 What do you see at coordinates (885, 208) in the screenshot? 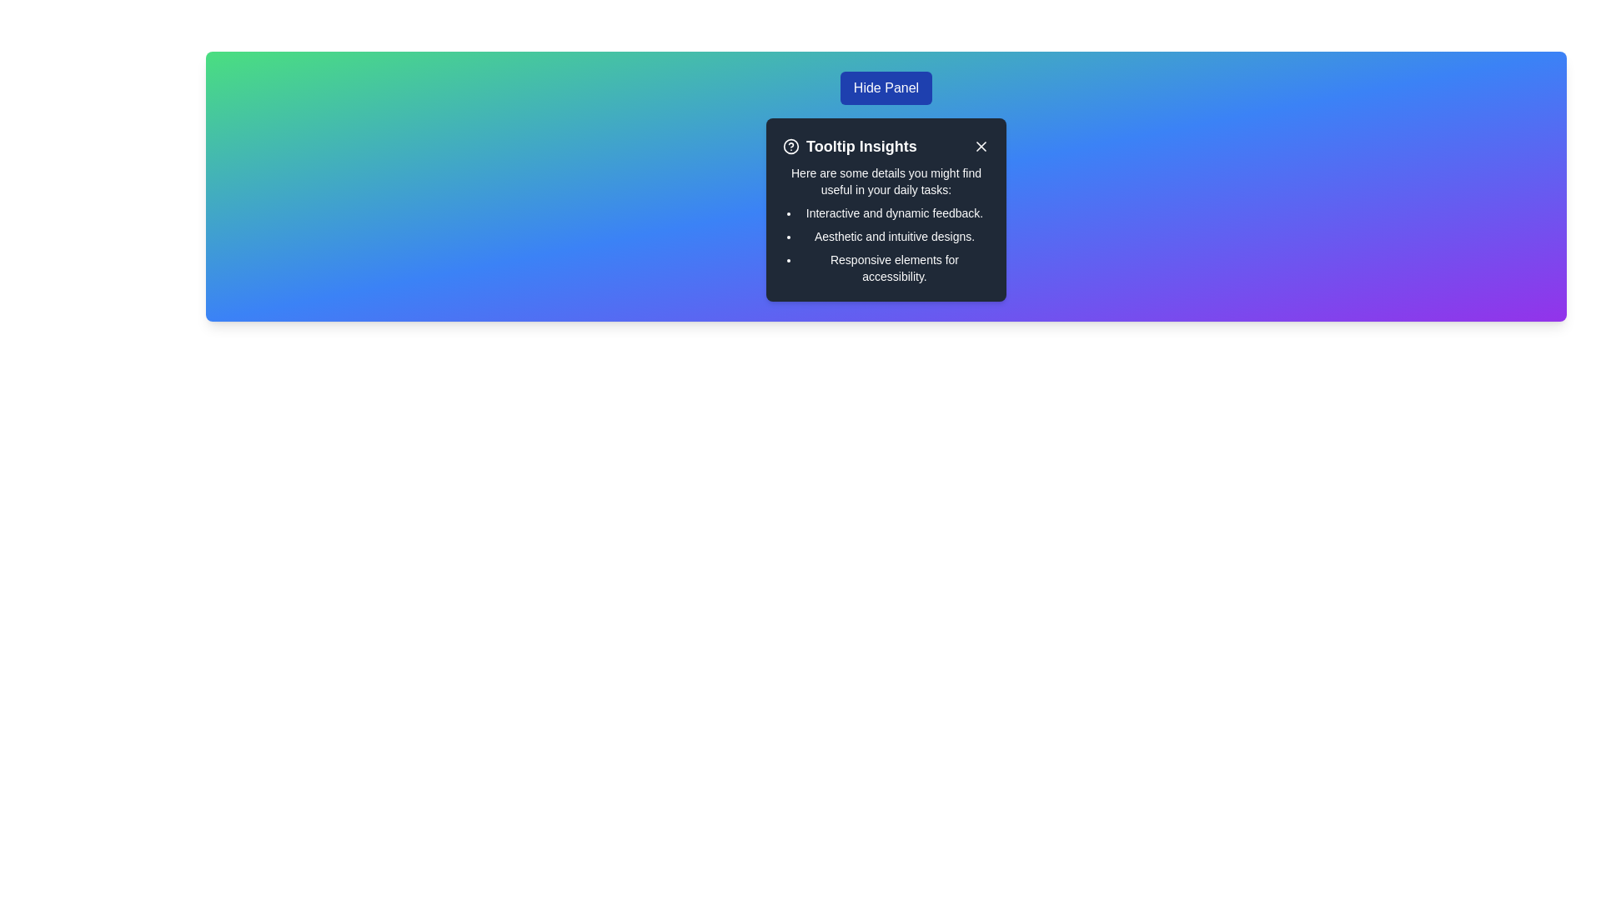
I see `contents of the tooltip located below the 'Hide Panel' button, which provides additional informational details to the user` at bounding box center [885, 208].